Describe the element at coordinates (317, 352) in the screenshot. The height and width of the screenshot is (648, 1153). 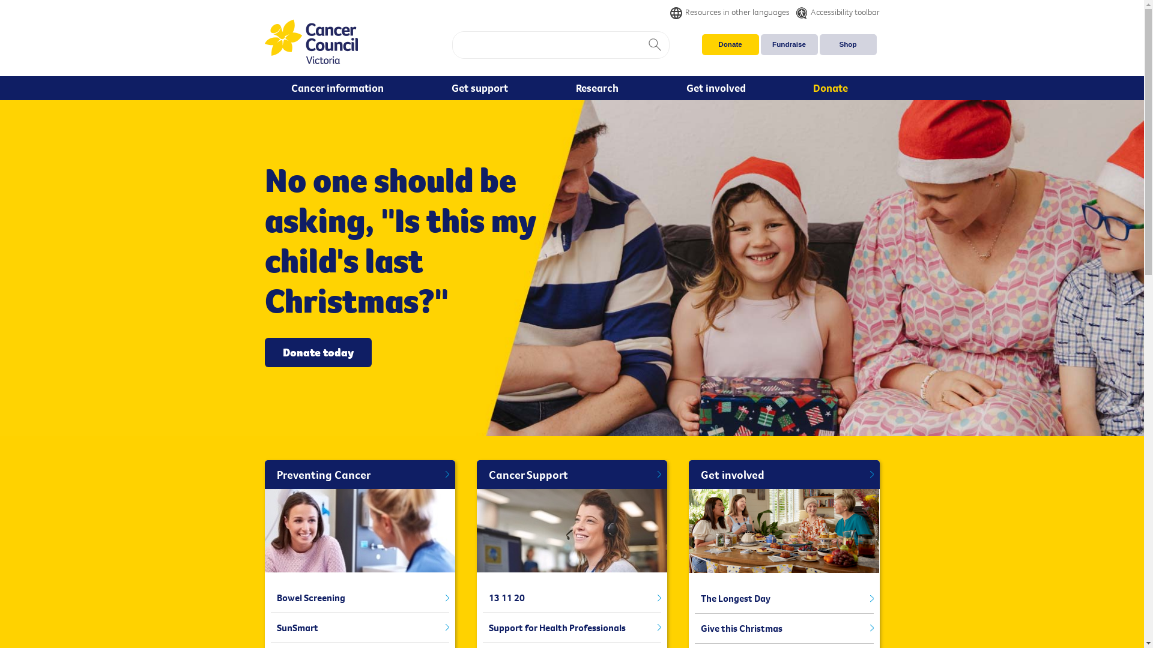
I see `'Donate today'` at that location.